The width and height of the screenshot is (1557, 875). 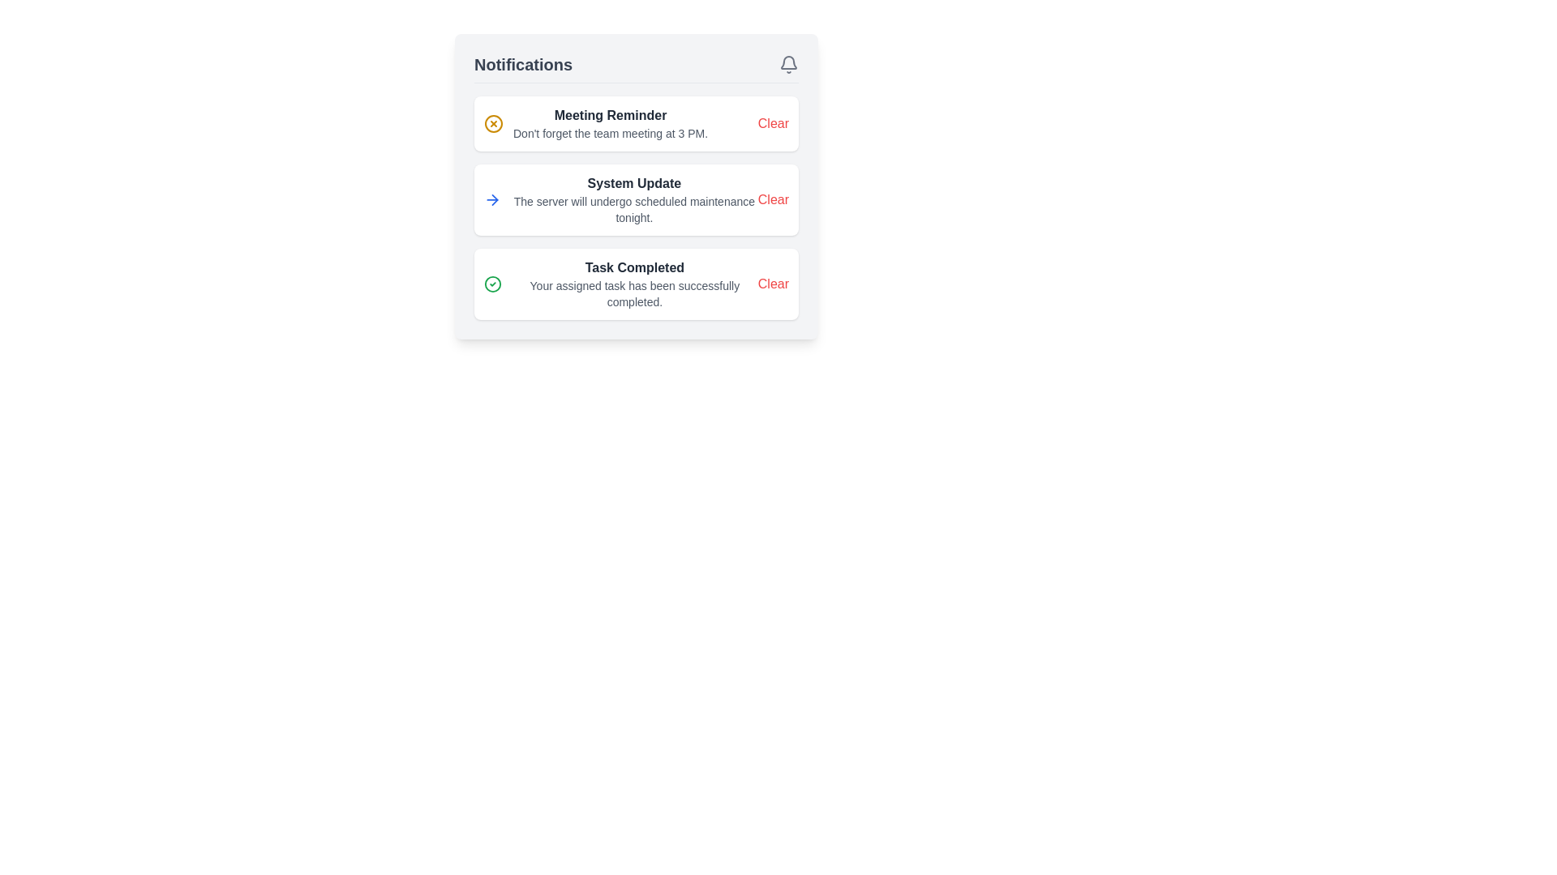 What do you see at coordinates (633, 183) in the screenshot?
I see `the 'System Update' text label, which is a prominent title in a notification box, styled in bold and dark gray color, located centrally in the second notification box` at bounding box center [633, 183].